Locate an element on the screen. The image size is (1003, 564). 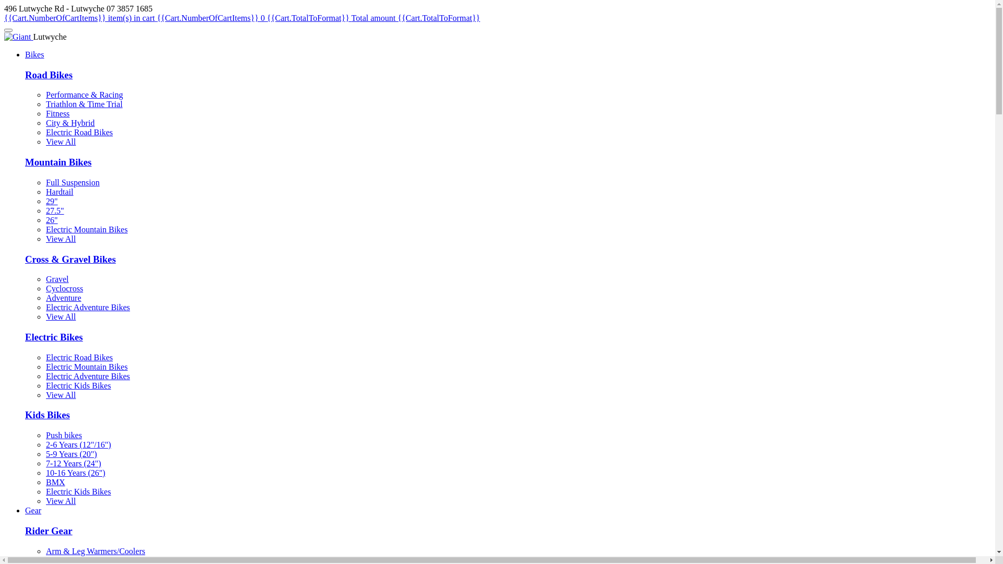
'Electric Adventure Bikes' is located at coordinates (88, 307).